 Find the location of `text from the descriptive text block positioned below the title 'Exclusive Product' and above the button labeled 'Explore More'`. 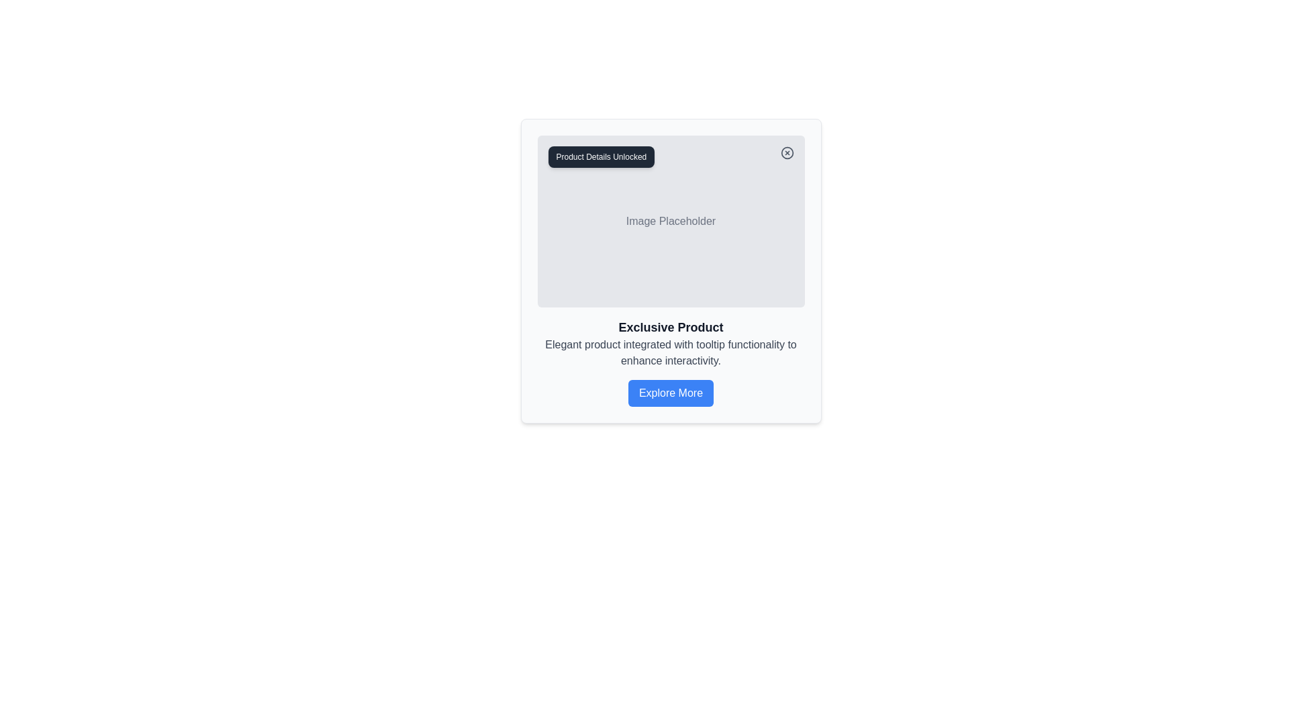

text from the descriptive text block positioned below the title 'Exclusive Product' and above the button labeled 'Explore More' is located at coordinates (671, 352).